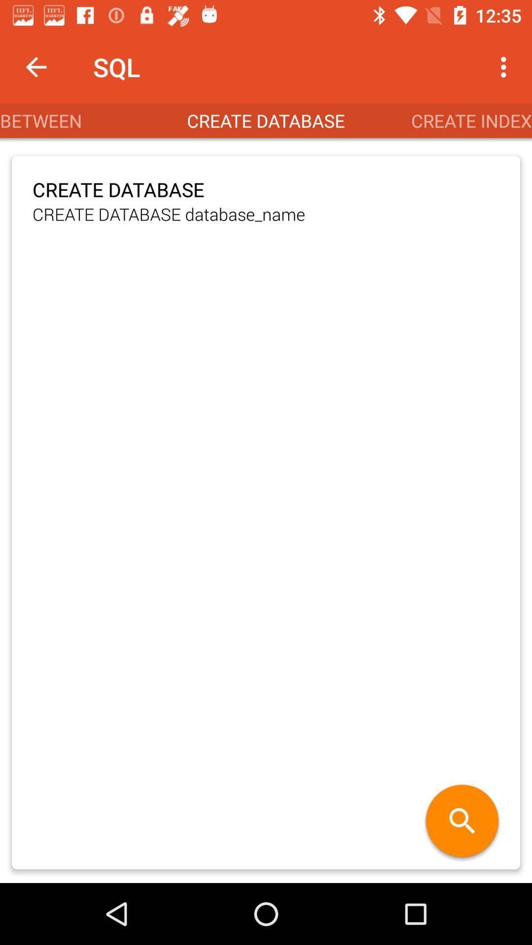 This screenshot has height=945, width=532. Describe the element at coordinates (35, 66) in the screenshot. I see `icon above between item` at that location.